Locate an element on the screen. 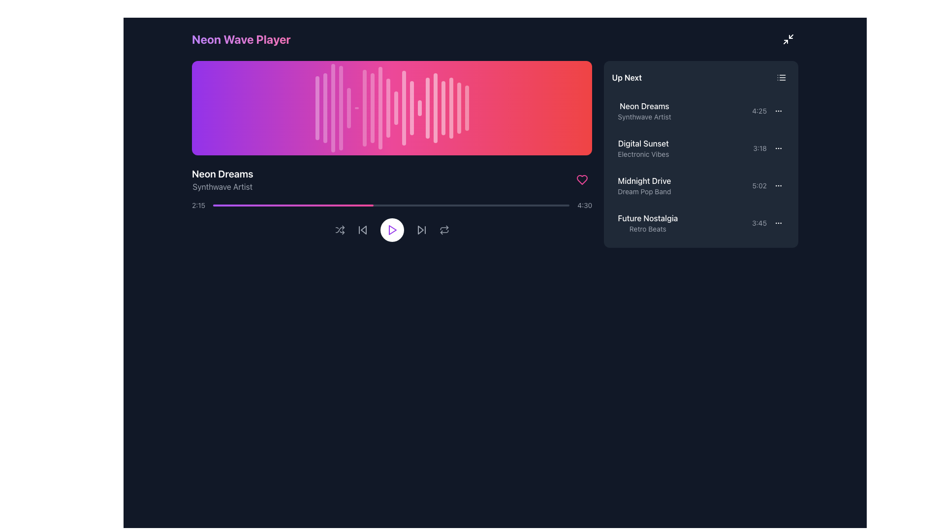  the interactive icon for additional options related to the song 'Midnight Drive' in the 'Up Next' playlist panel is located at coordinates (768, 186).